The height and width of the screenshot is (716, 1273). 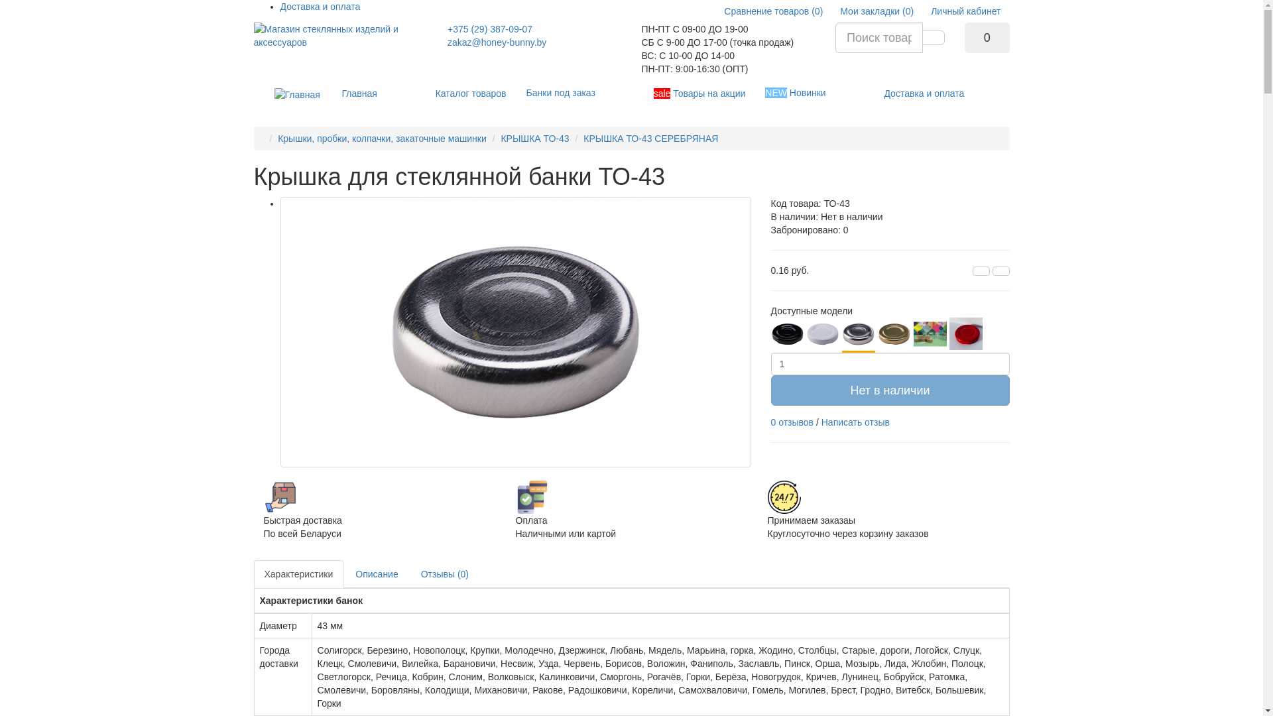 What do you see at coordinates (489, 29) in the screenshot?
I see `'+375 (29) 387-09-07'` at bounding box center [489, 29].